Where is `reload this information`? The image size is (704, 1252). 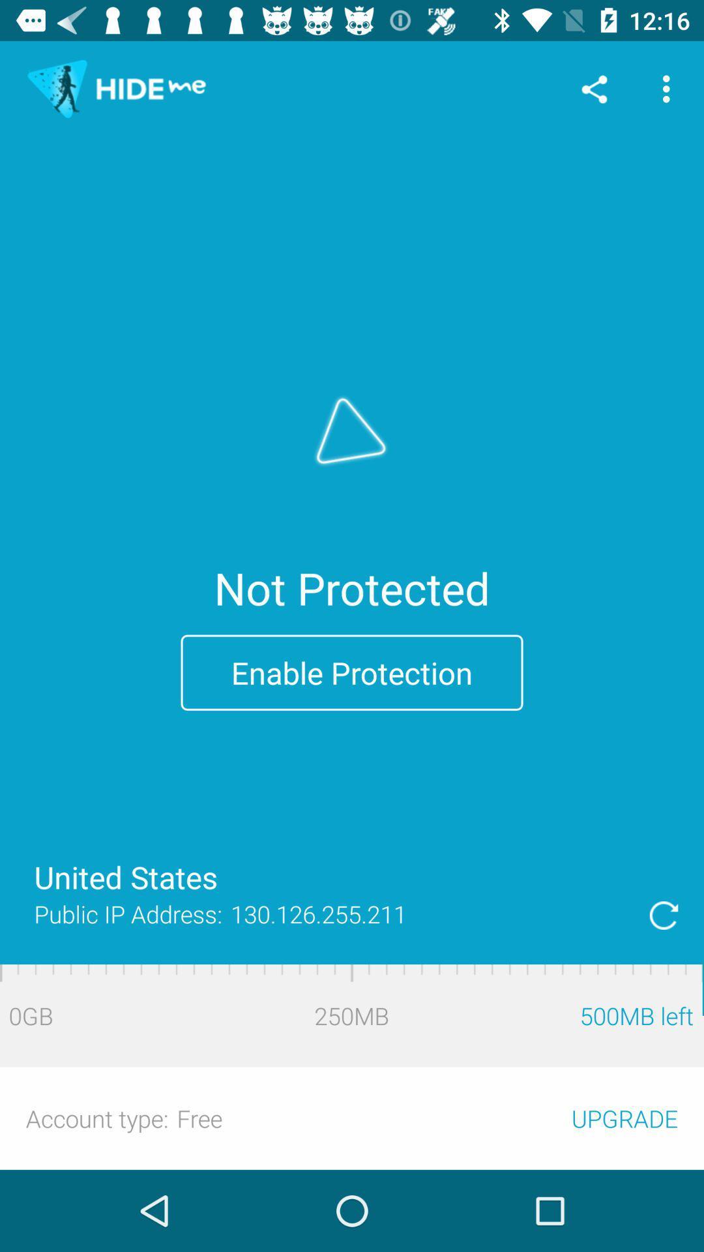 reload this information is located at coordinates (664, 914).